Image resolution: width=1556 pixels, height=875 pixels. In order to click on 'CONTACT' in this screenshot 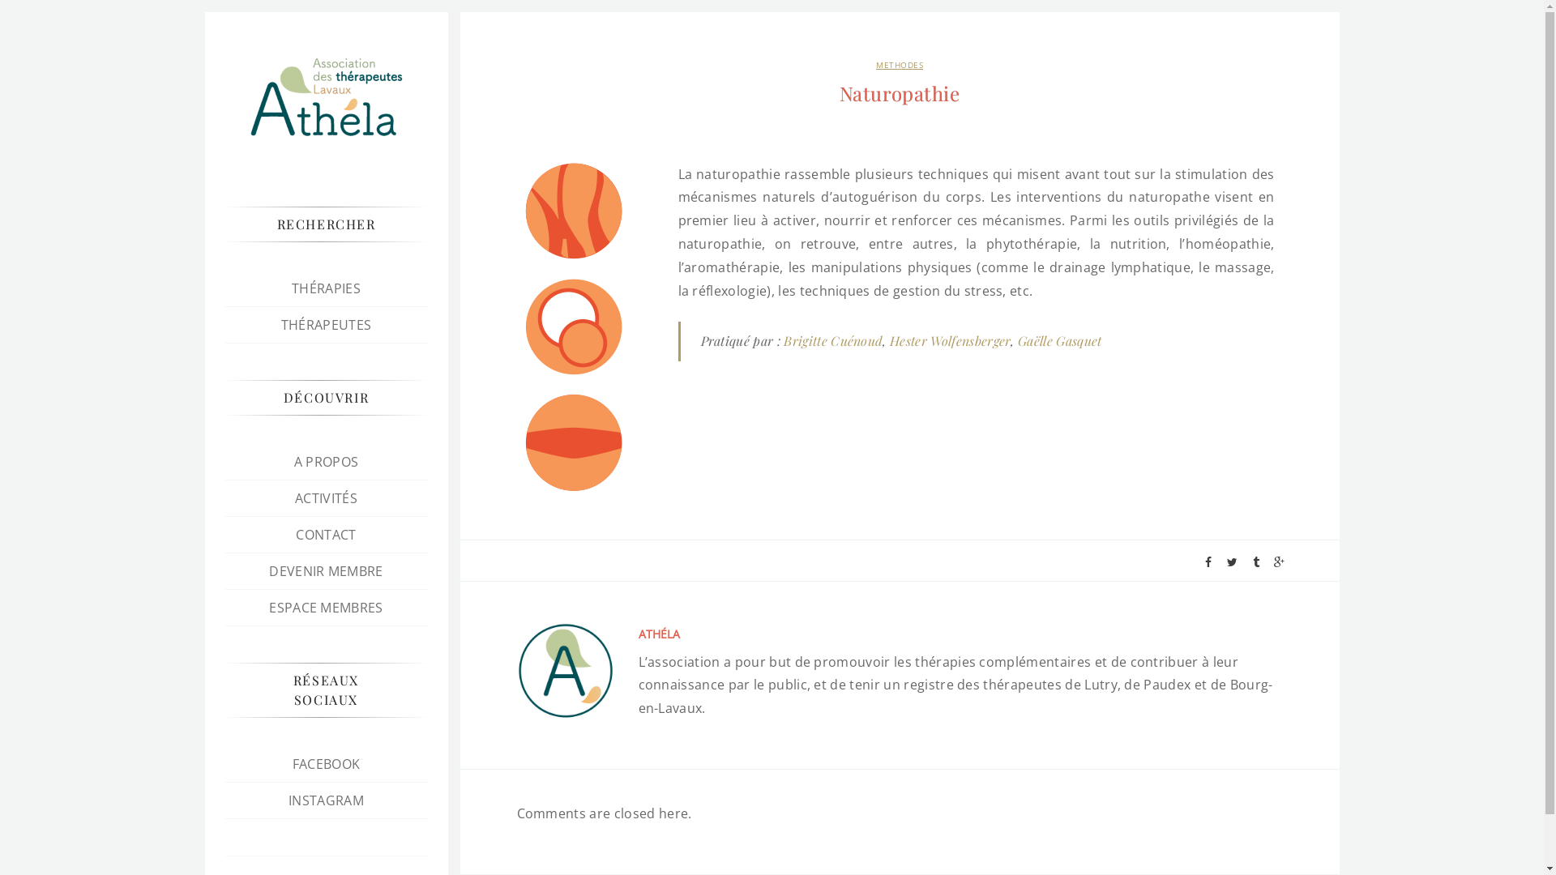, I will do `click(325, 534)`.